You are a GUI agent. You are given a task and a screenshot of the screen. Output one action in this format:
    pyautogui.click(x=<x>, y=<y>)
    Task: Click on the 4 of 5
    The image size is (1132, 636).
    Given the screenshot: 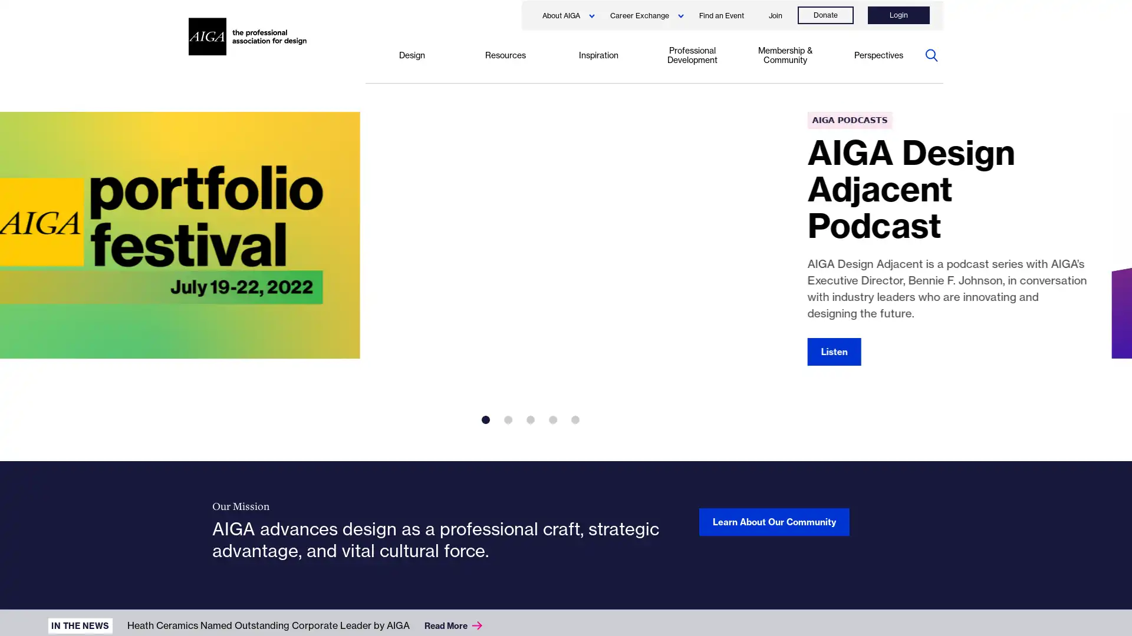 What is the action you would take?
    pyautogui.click(x=552, y=419)
    